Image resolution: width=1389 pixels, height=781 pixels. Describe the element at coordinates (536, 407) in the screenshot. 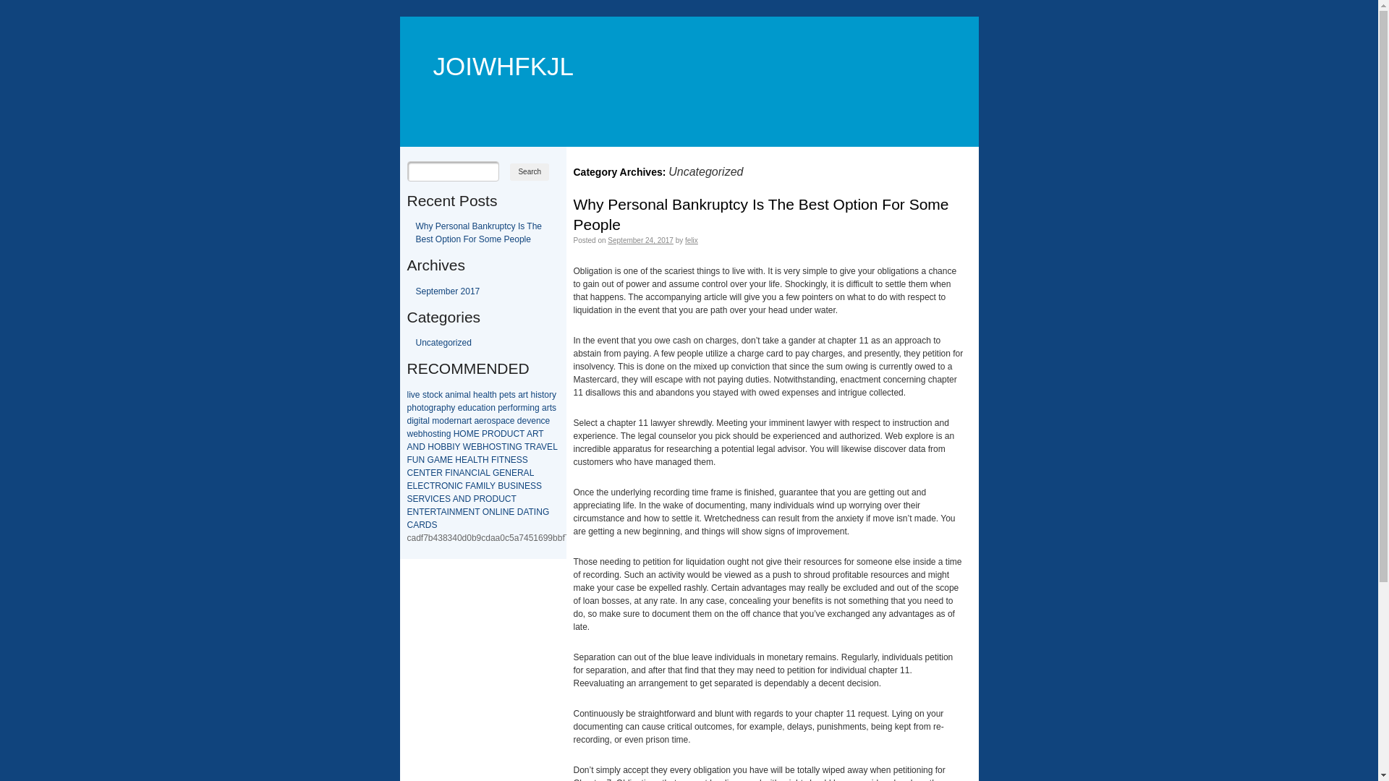

I see `'g'` at that location.